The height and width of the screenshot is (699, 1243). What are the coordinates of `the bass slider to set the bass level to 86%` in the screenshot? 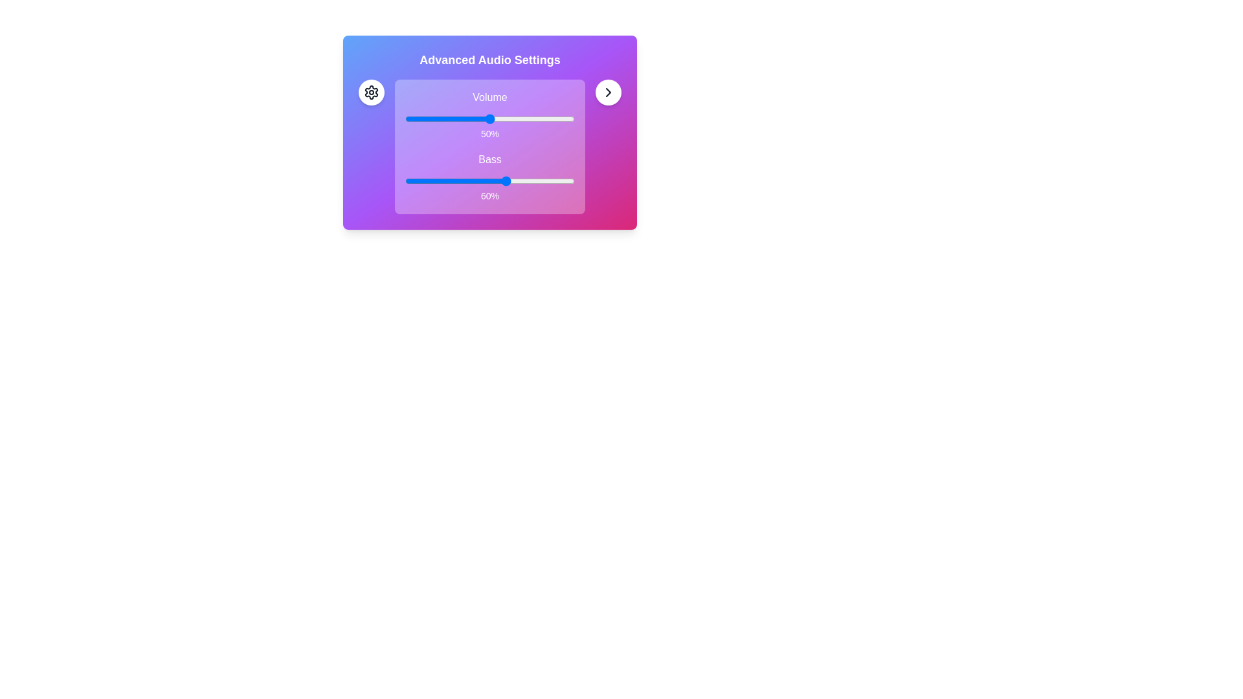 It's located at (551, 181).